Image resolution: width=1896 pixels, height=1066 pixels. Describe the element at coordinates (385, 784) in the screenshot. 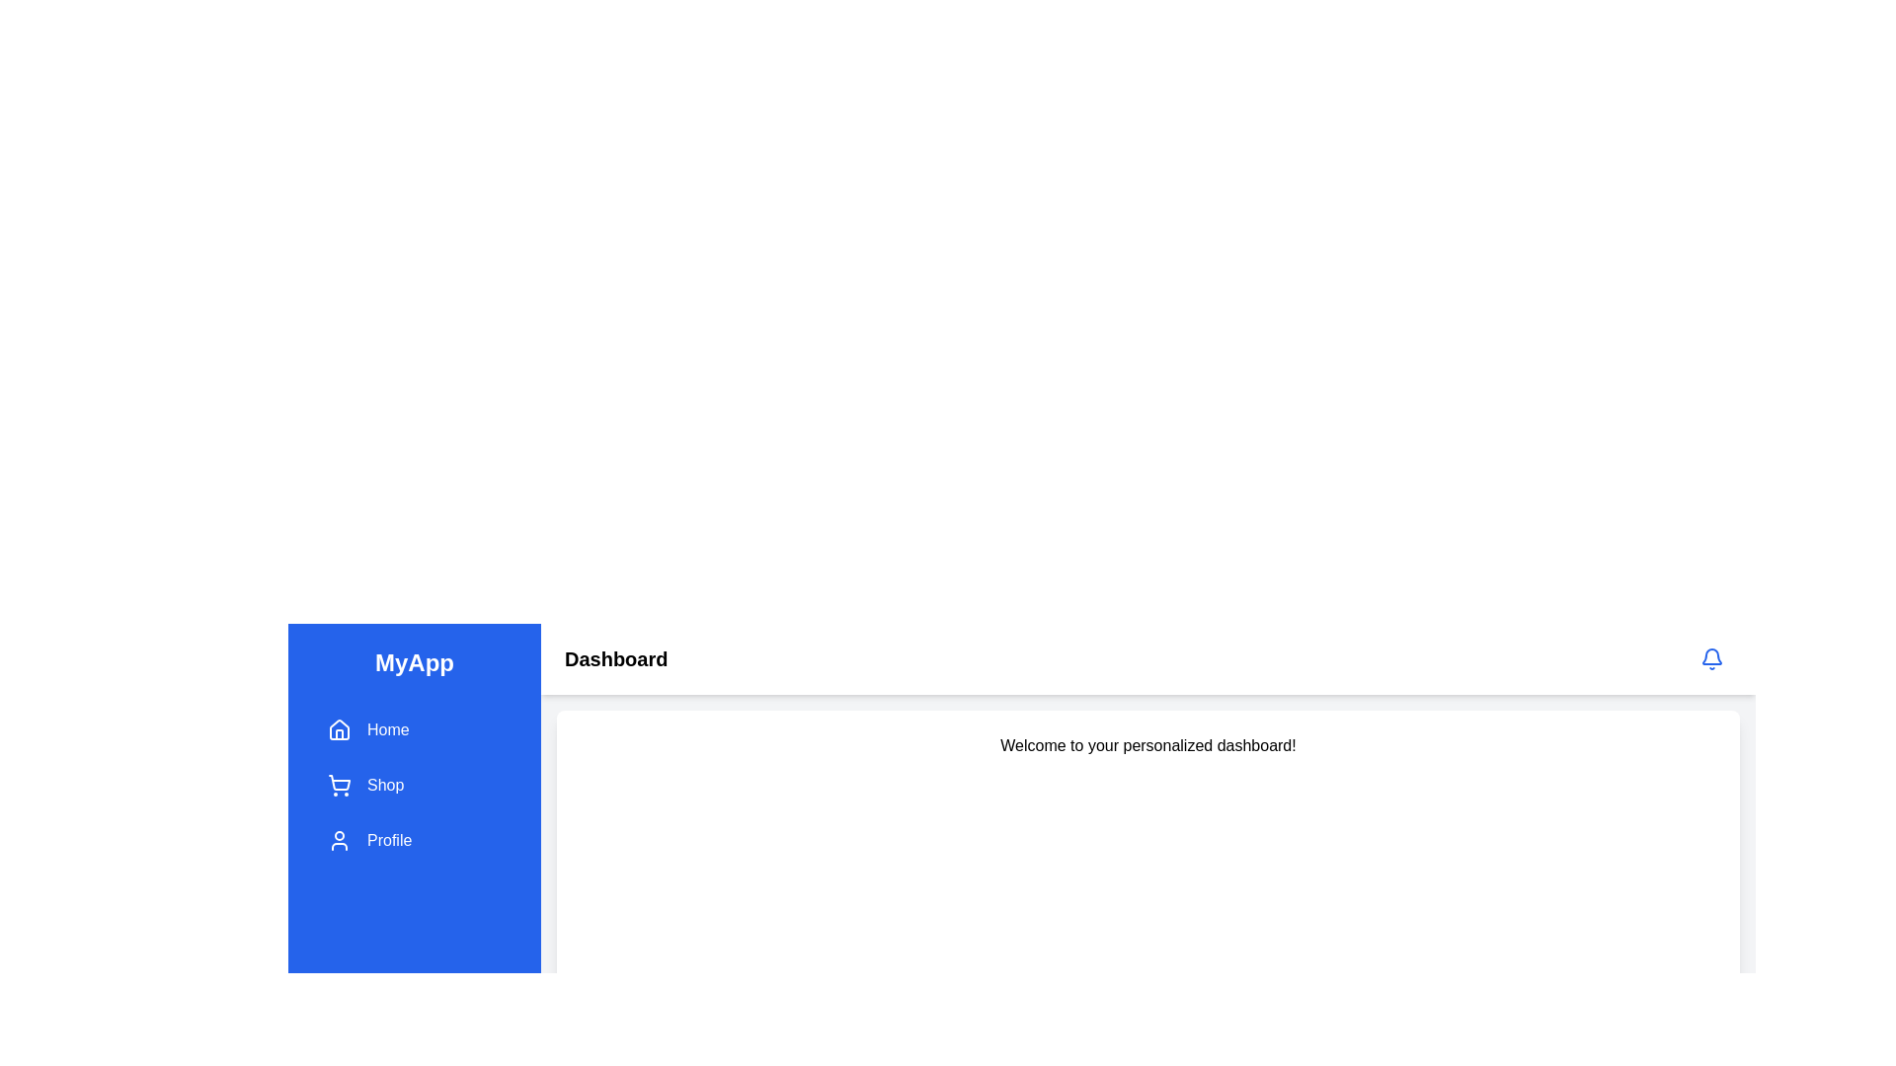

I see `the 'Shop' text label in the vertical navigation panel, which is styled in white text against a solid blue background and located between the 'Home' and 'Profile' menu items` at that location.